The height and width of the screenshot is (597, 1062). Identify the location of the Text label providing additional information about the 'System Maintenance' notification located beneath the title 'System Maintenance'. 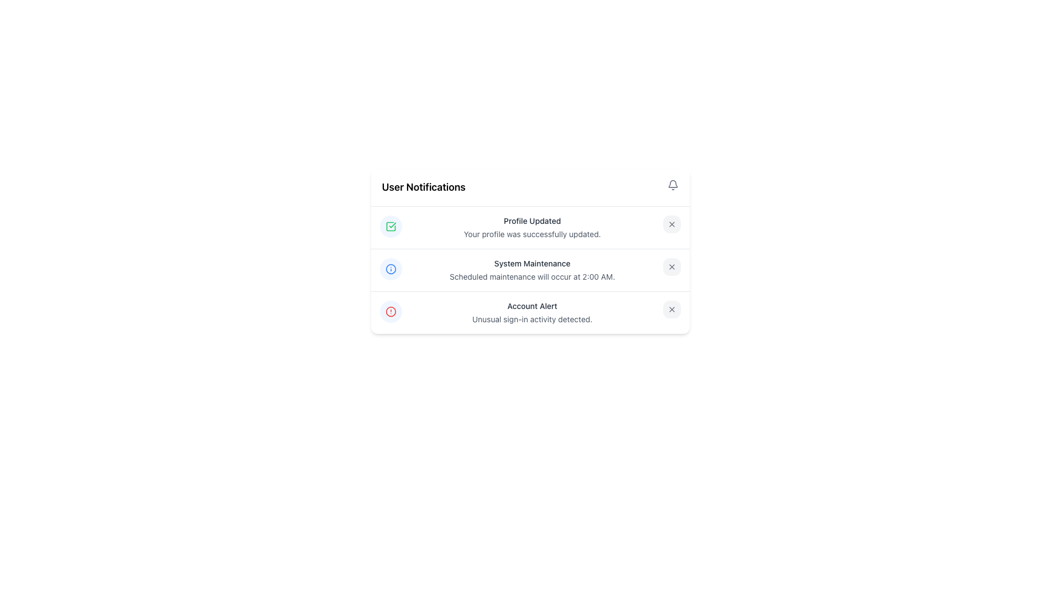
(532, 276).